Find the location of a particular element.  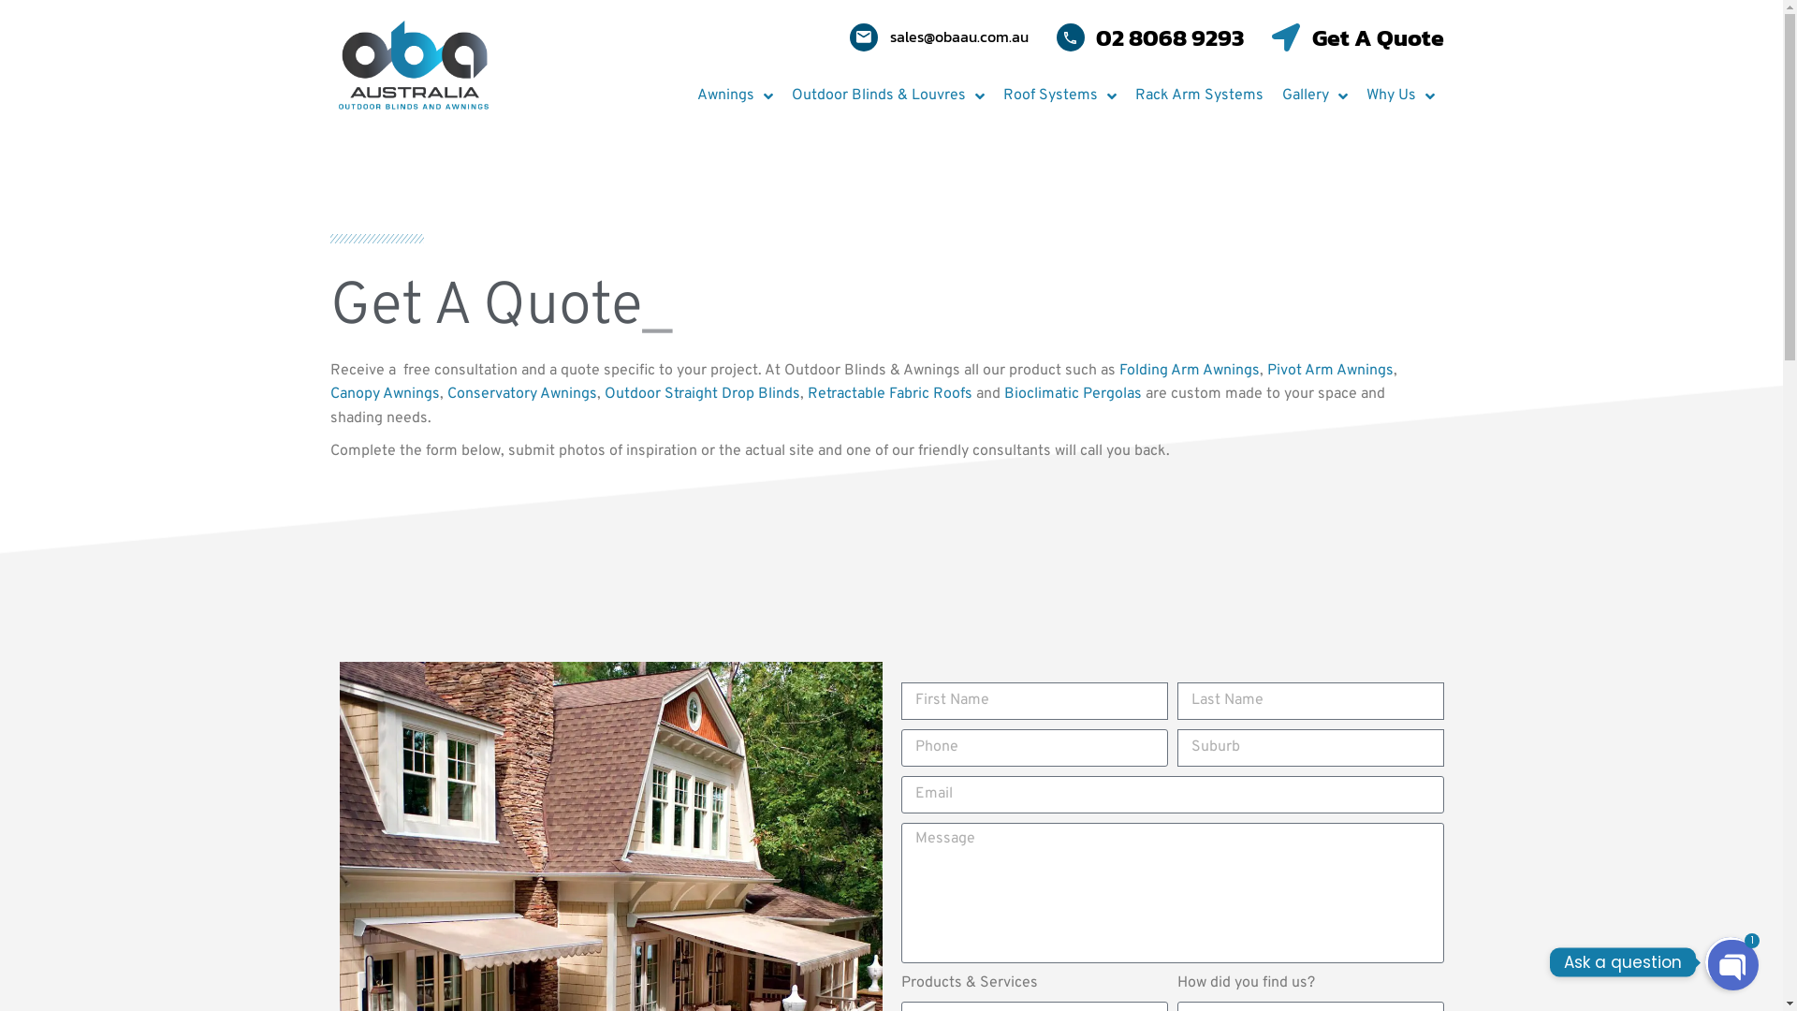

'02 8068 9293' is located at coordinates (1148, 37).